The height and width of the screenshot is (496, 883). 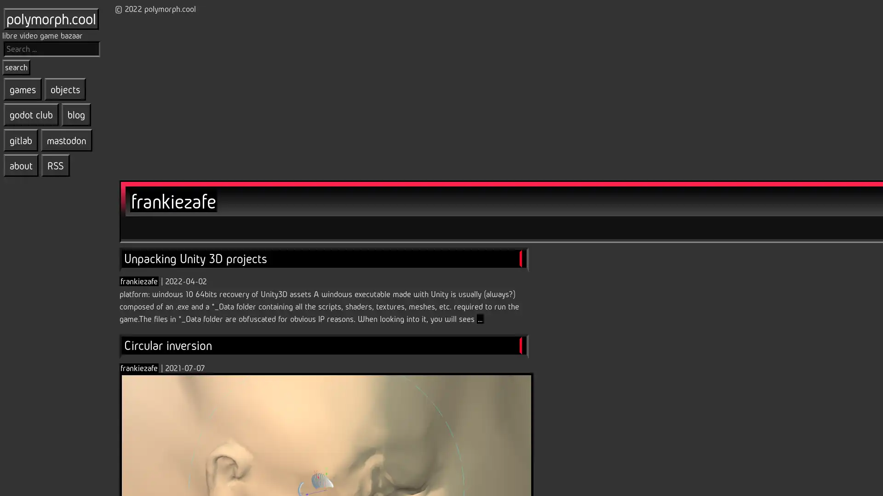 I want to click on Search, so click(x=16, y=67).